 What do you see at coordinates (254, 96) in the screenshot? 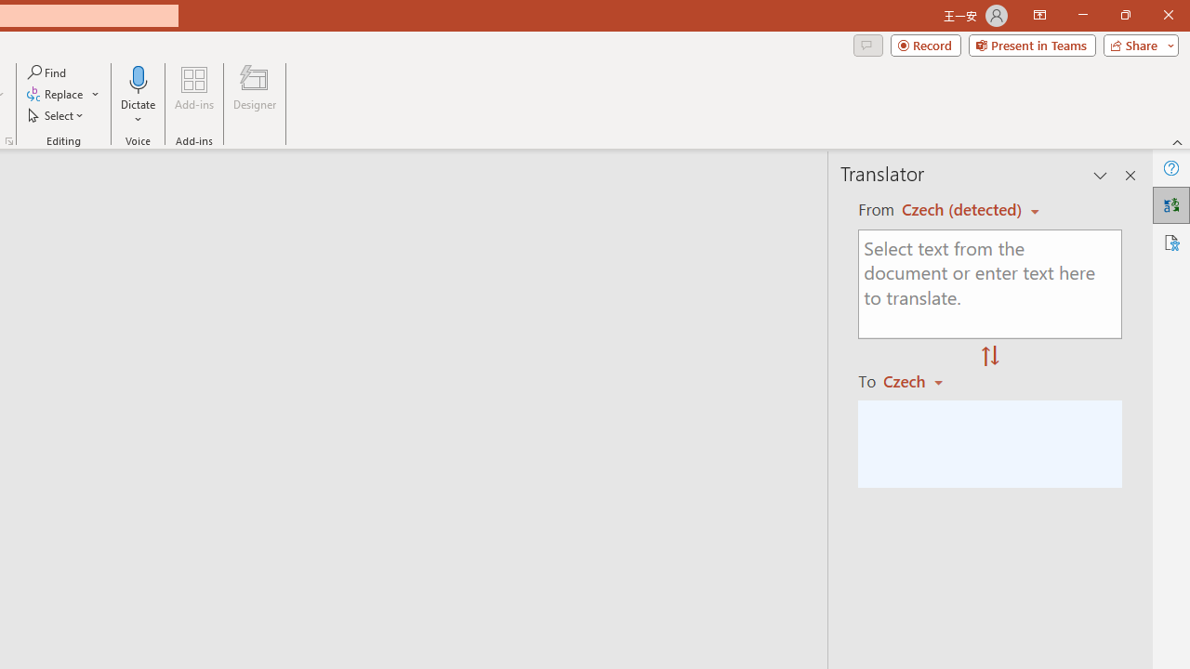
I see `'Designer'` at bounding box center [254, 96].